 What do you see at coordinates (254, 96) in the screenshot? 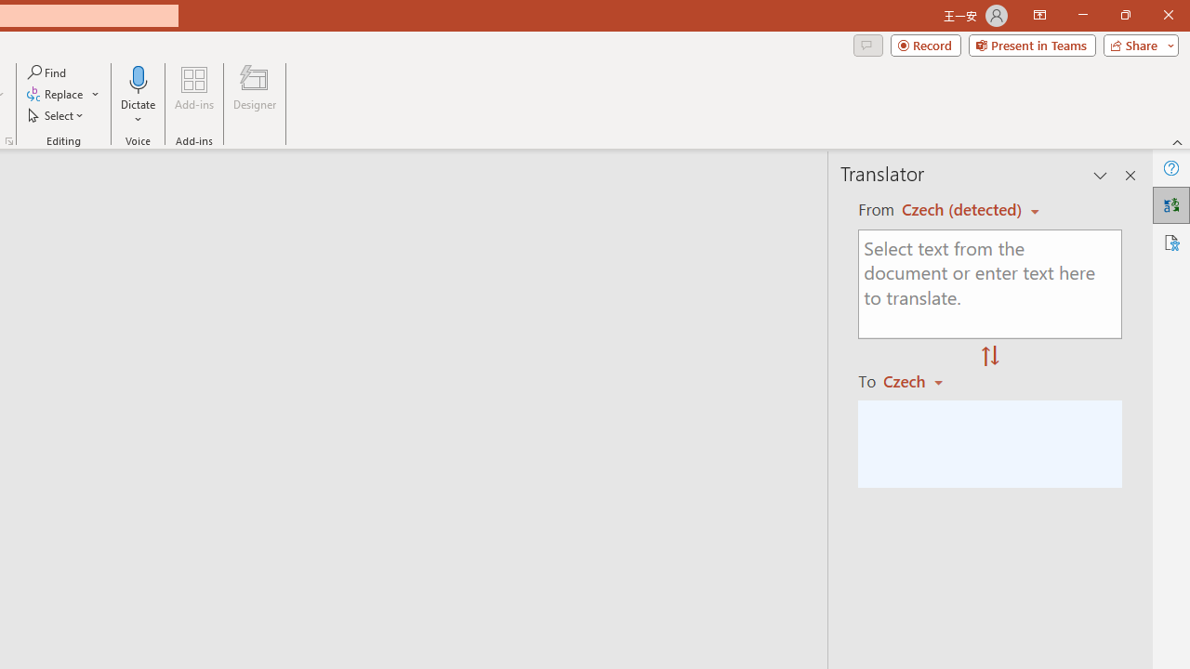
I see `'Designer'` at bounding box center [254, 96].